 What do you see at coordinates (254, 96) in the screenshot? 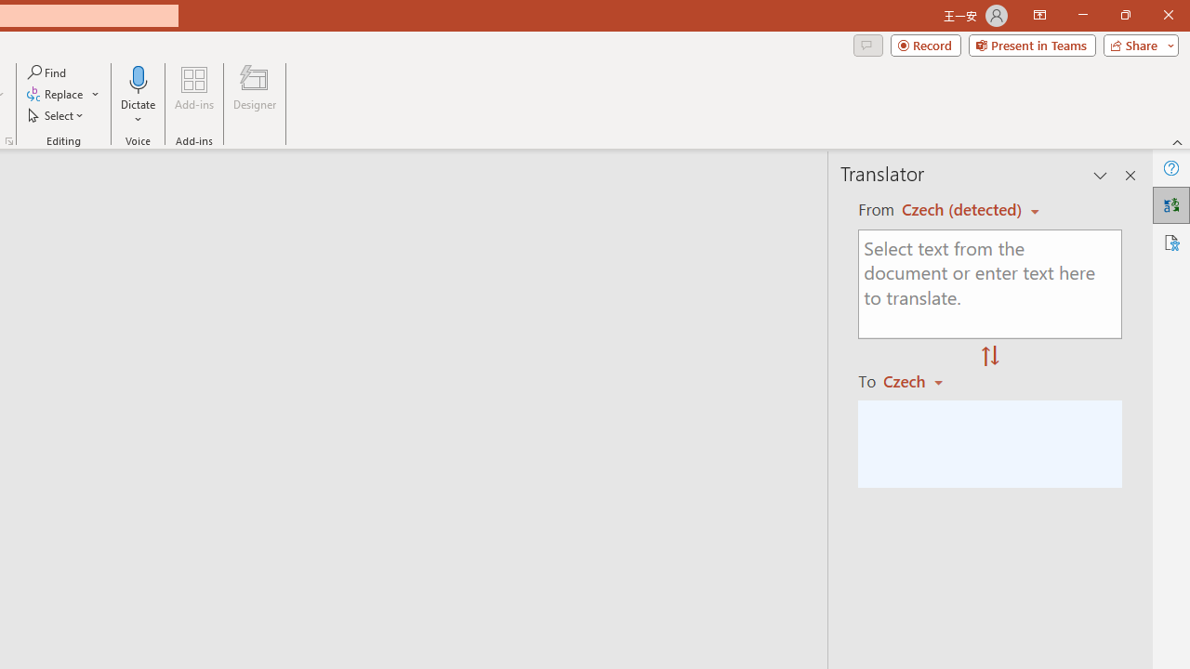
I see `'Designer'` at bounding box center [254, 96].